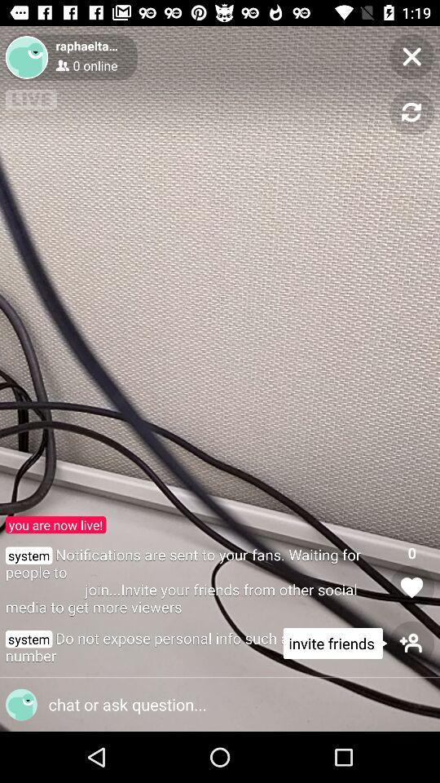  Describe the element at coordinates (213, 704) in the screenshot. I see `sharing informations` at that location.